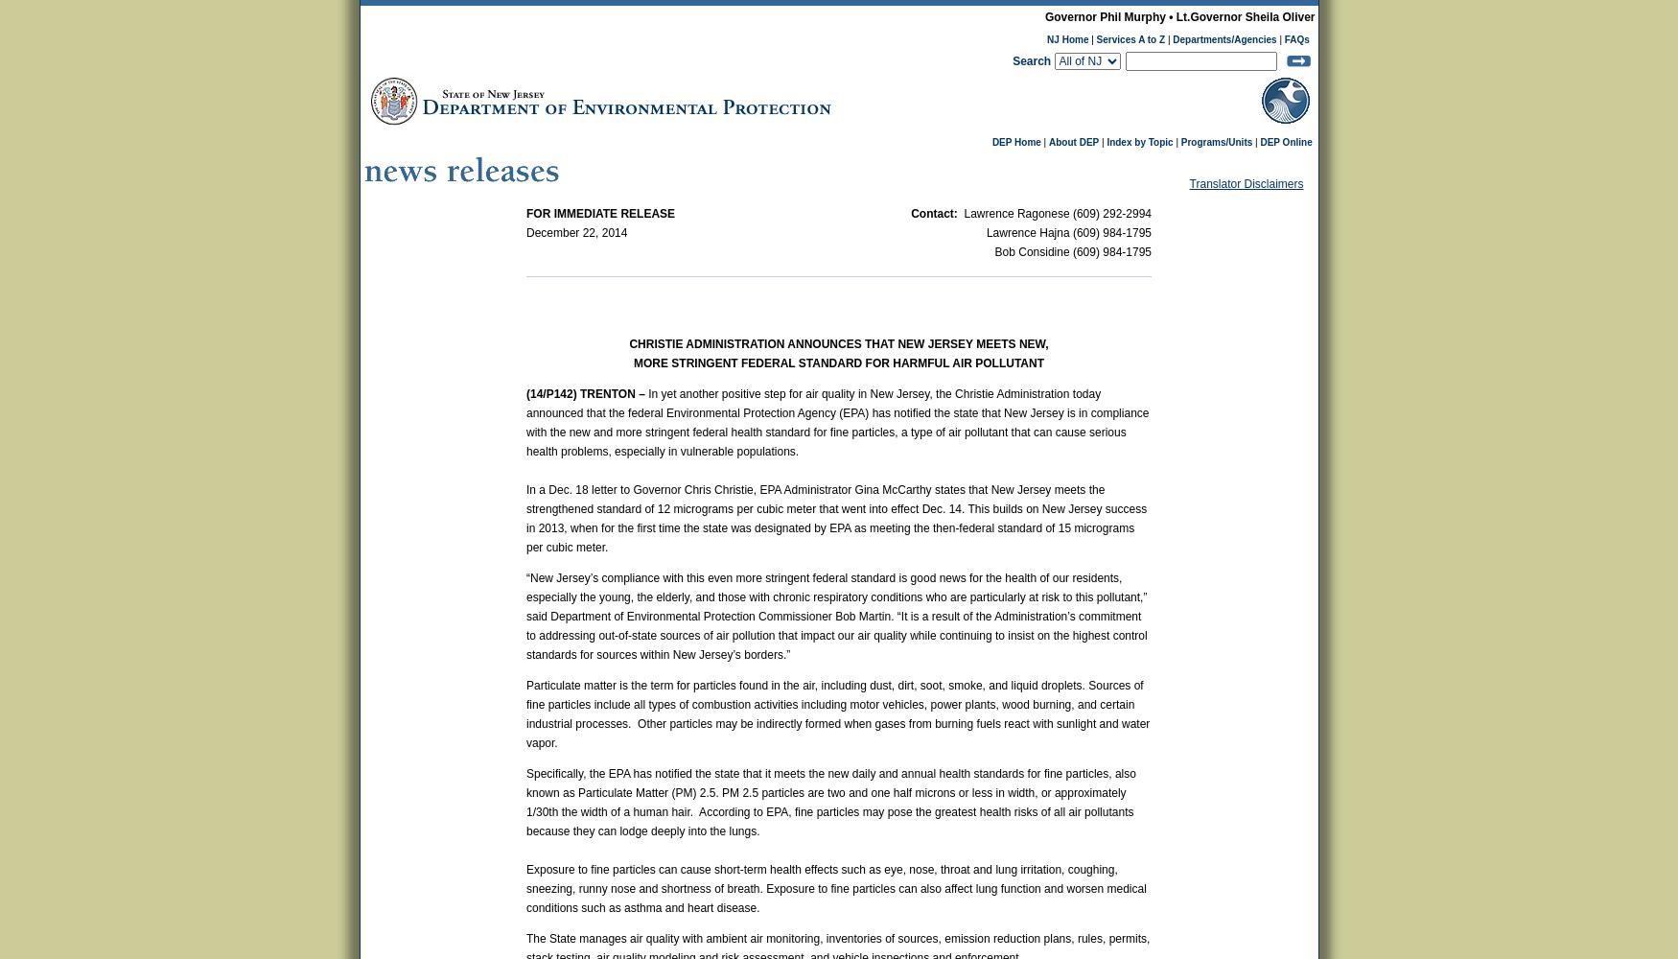 This screenshot has width=1678, height=959. Describe the element at coordinates (830, 802) in the screenshot. I see `'Specifically, the EPA has  notified the state that it meets the new daily and annual health standards for  fine particles, also known as Particulate Matter (PM) 2.5. PM 2.5 particles are  two and one half microns or less in width, or approximately 1/30th  the width of a human hair.  According to EPA, fine particles may pose the  greatest health risks of all air pollutants because they can lodge deeply into  the lungs.'` at that location.